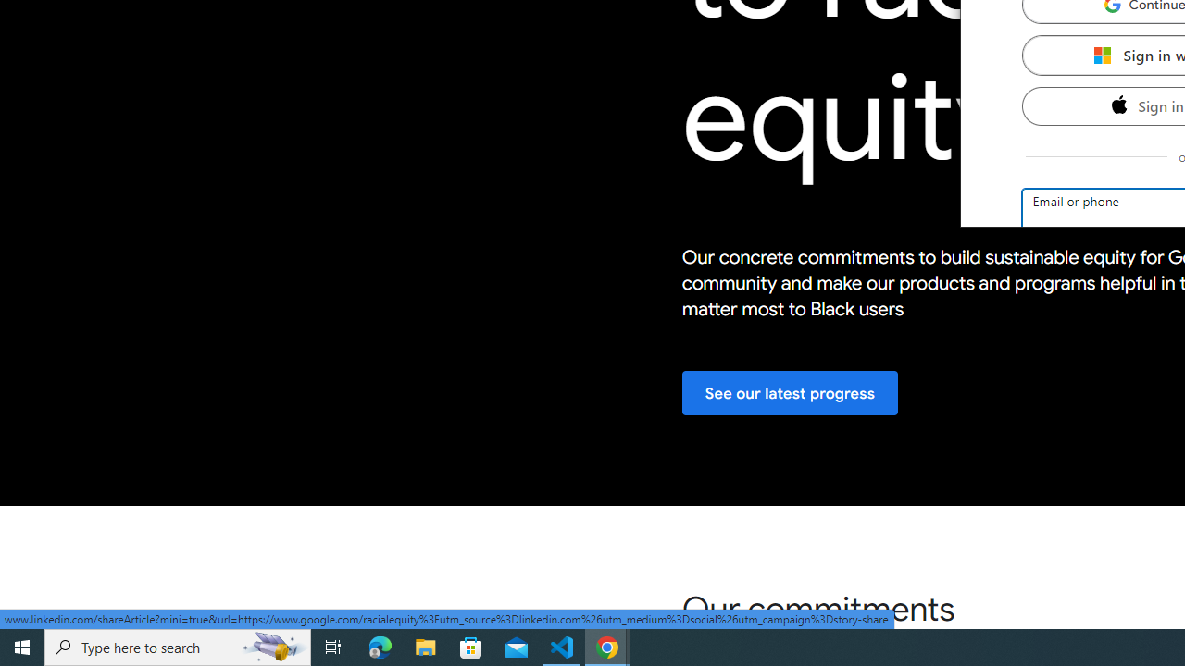 This screenshot has height=666, width=1185. What do you see at coordinates (380, 646) in the screenshot?
I see `'Microsoft Edge'` at bounding box center [380, 646].